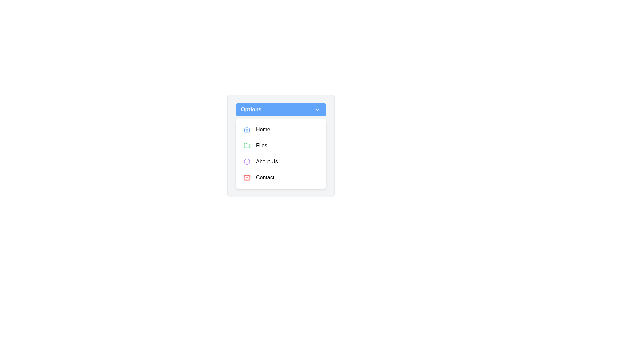  What do you see at coordinates (281, 130) in the screenshot?
I see `the 'Home' button` at bounding box center [281, 130].